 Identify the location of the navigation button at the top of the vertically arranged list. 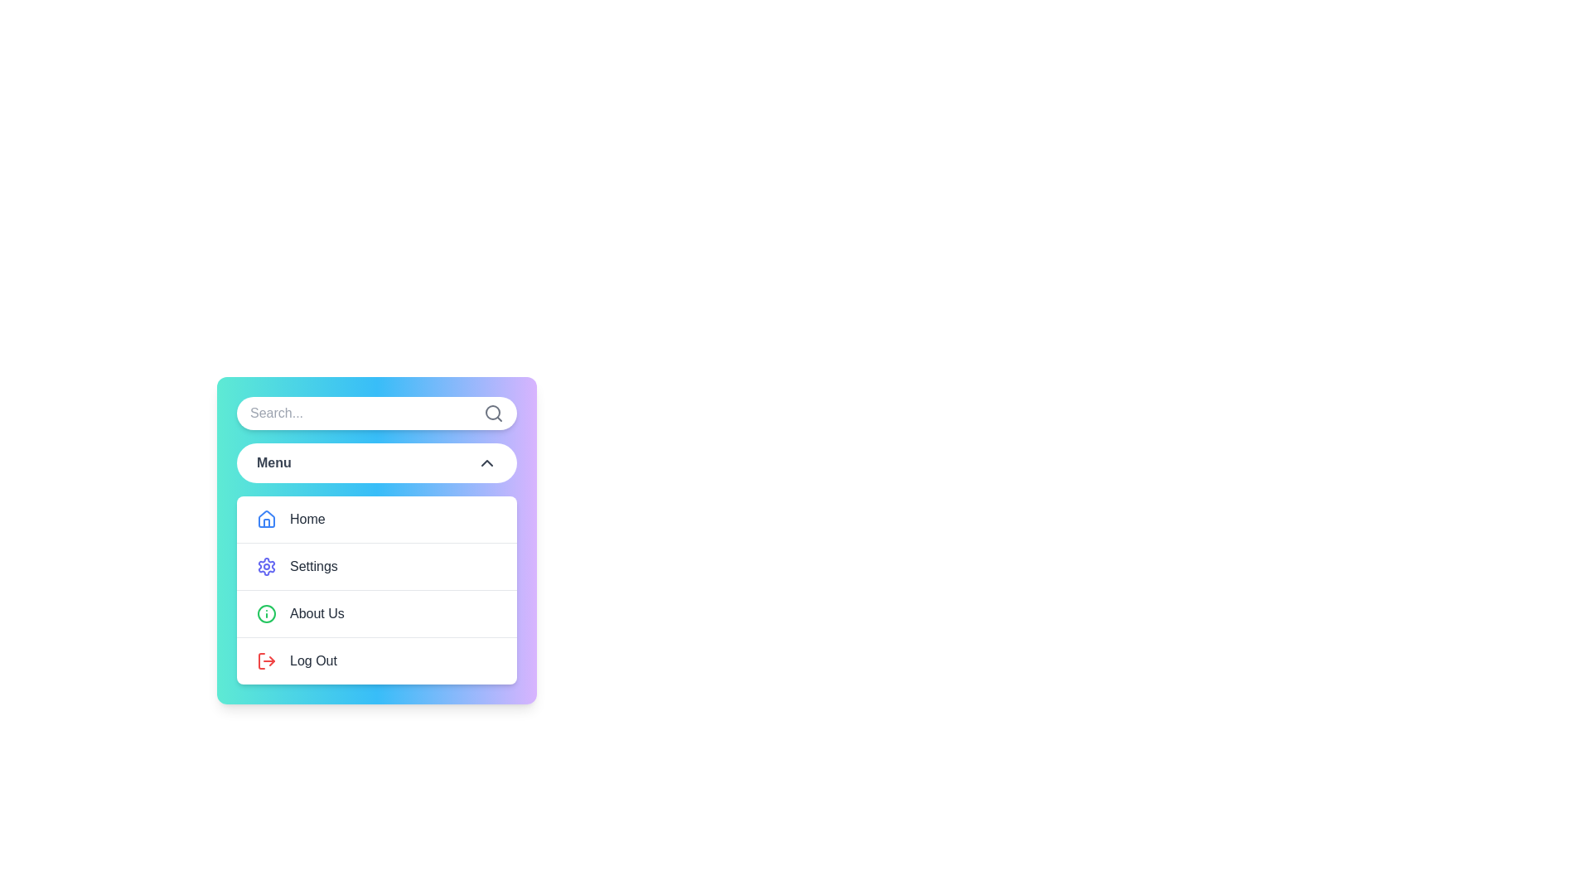
(376, 519).